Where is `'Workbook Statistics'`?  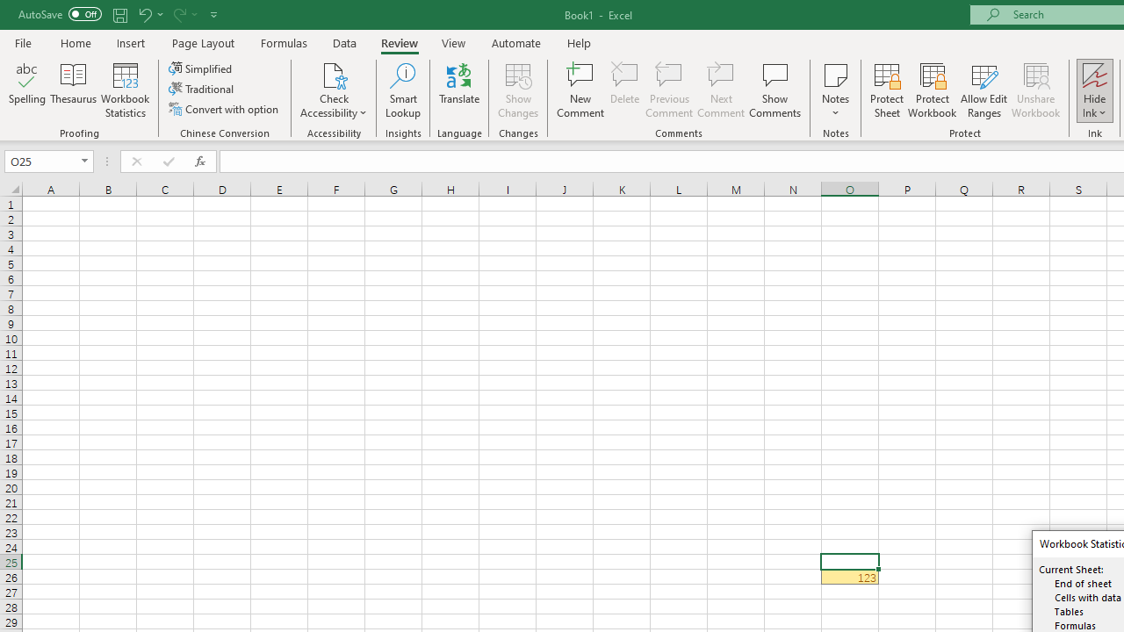
'Workbook Statistics' is located at coordinates (124, 90).